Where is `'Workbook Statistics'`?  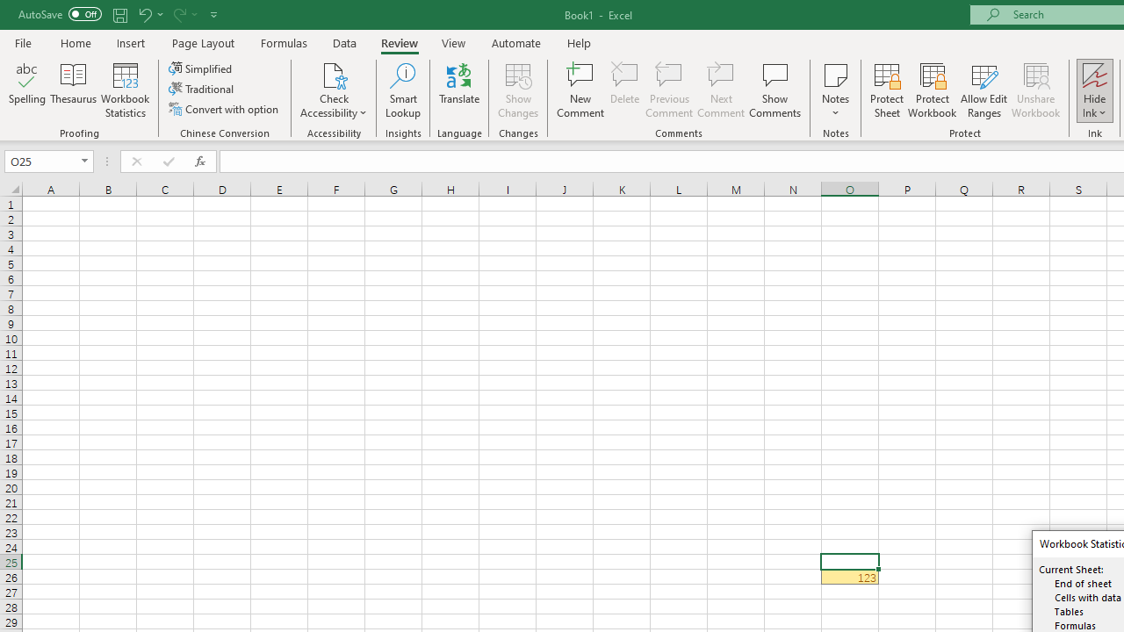
'Workbook Statistics' is located at coordinates (124, 90).